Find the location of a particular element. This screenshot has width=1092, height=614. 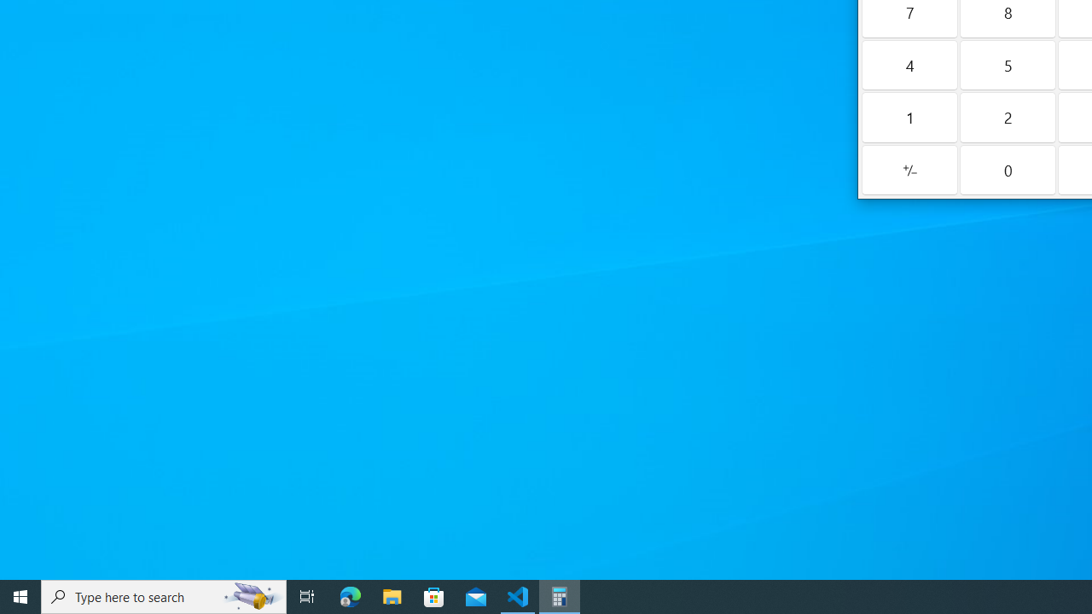

'One' is located at coordinates (909, 116).